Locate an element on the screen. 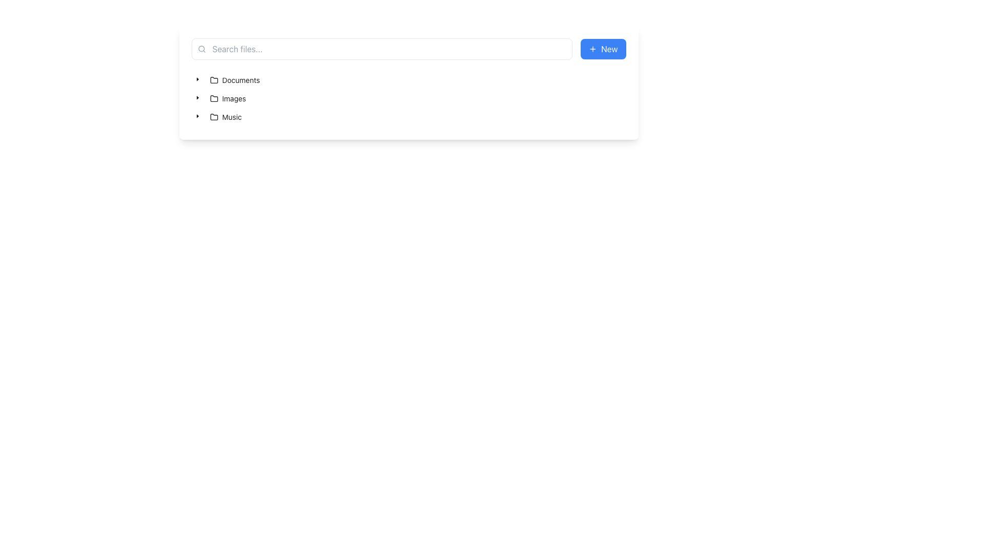 Image resolution: width=984 pixels, height=553 pixels. the 'Music' tree node item, which is the third item in the tree structure is located at coordinates (225, 116).